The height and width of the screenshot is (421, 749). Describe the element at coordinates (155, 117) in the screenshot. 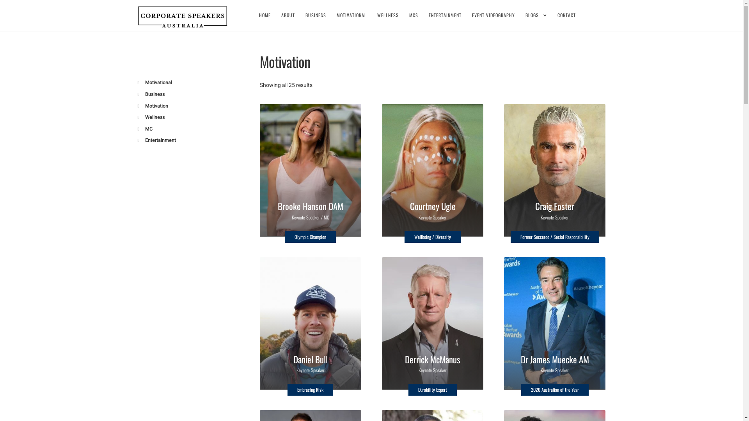

I see `'Wellness'` at that location.